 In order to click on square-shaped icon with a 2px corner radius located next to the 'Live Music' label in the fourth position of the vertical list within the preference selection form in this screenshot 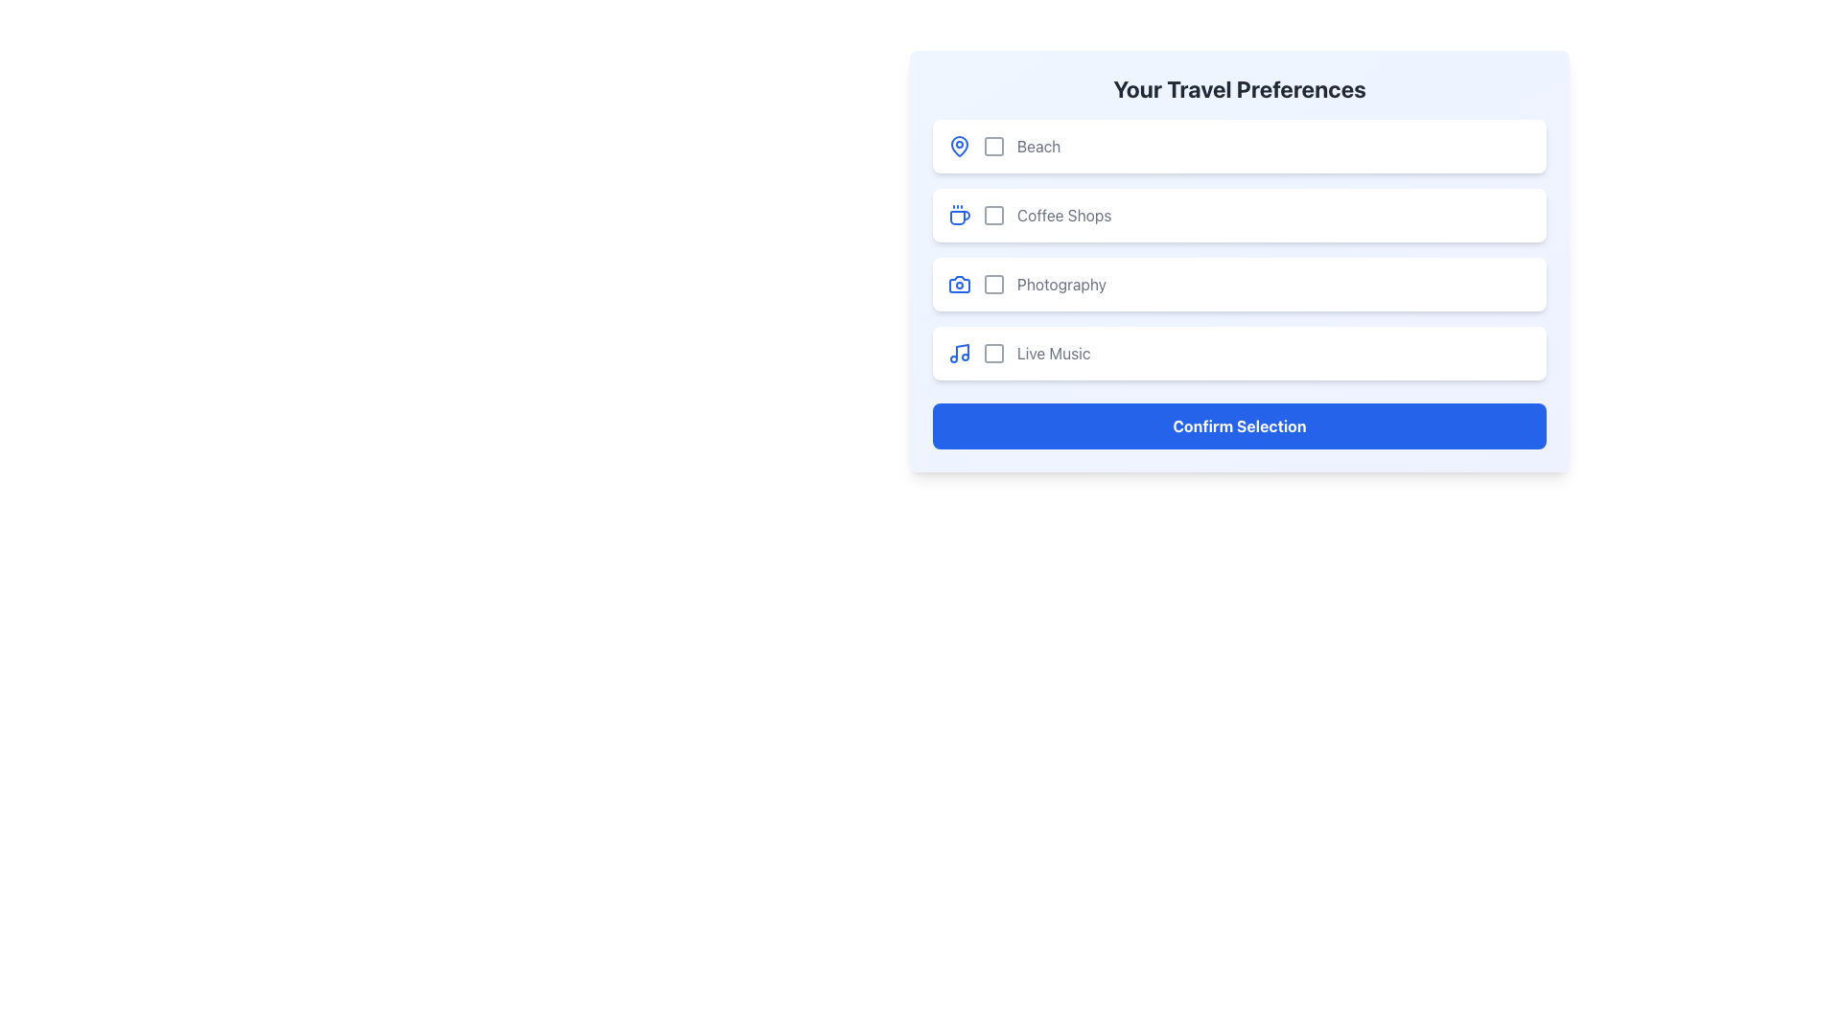, I will do `click(993, 354)`.